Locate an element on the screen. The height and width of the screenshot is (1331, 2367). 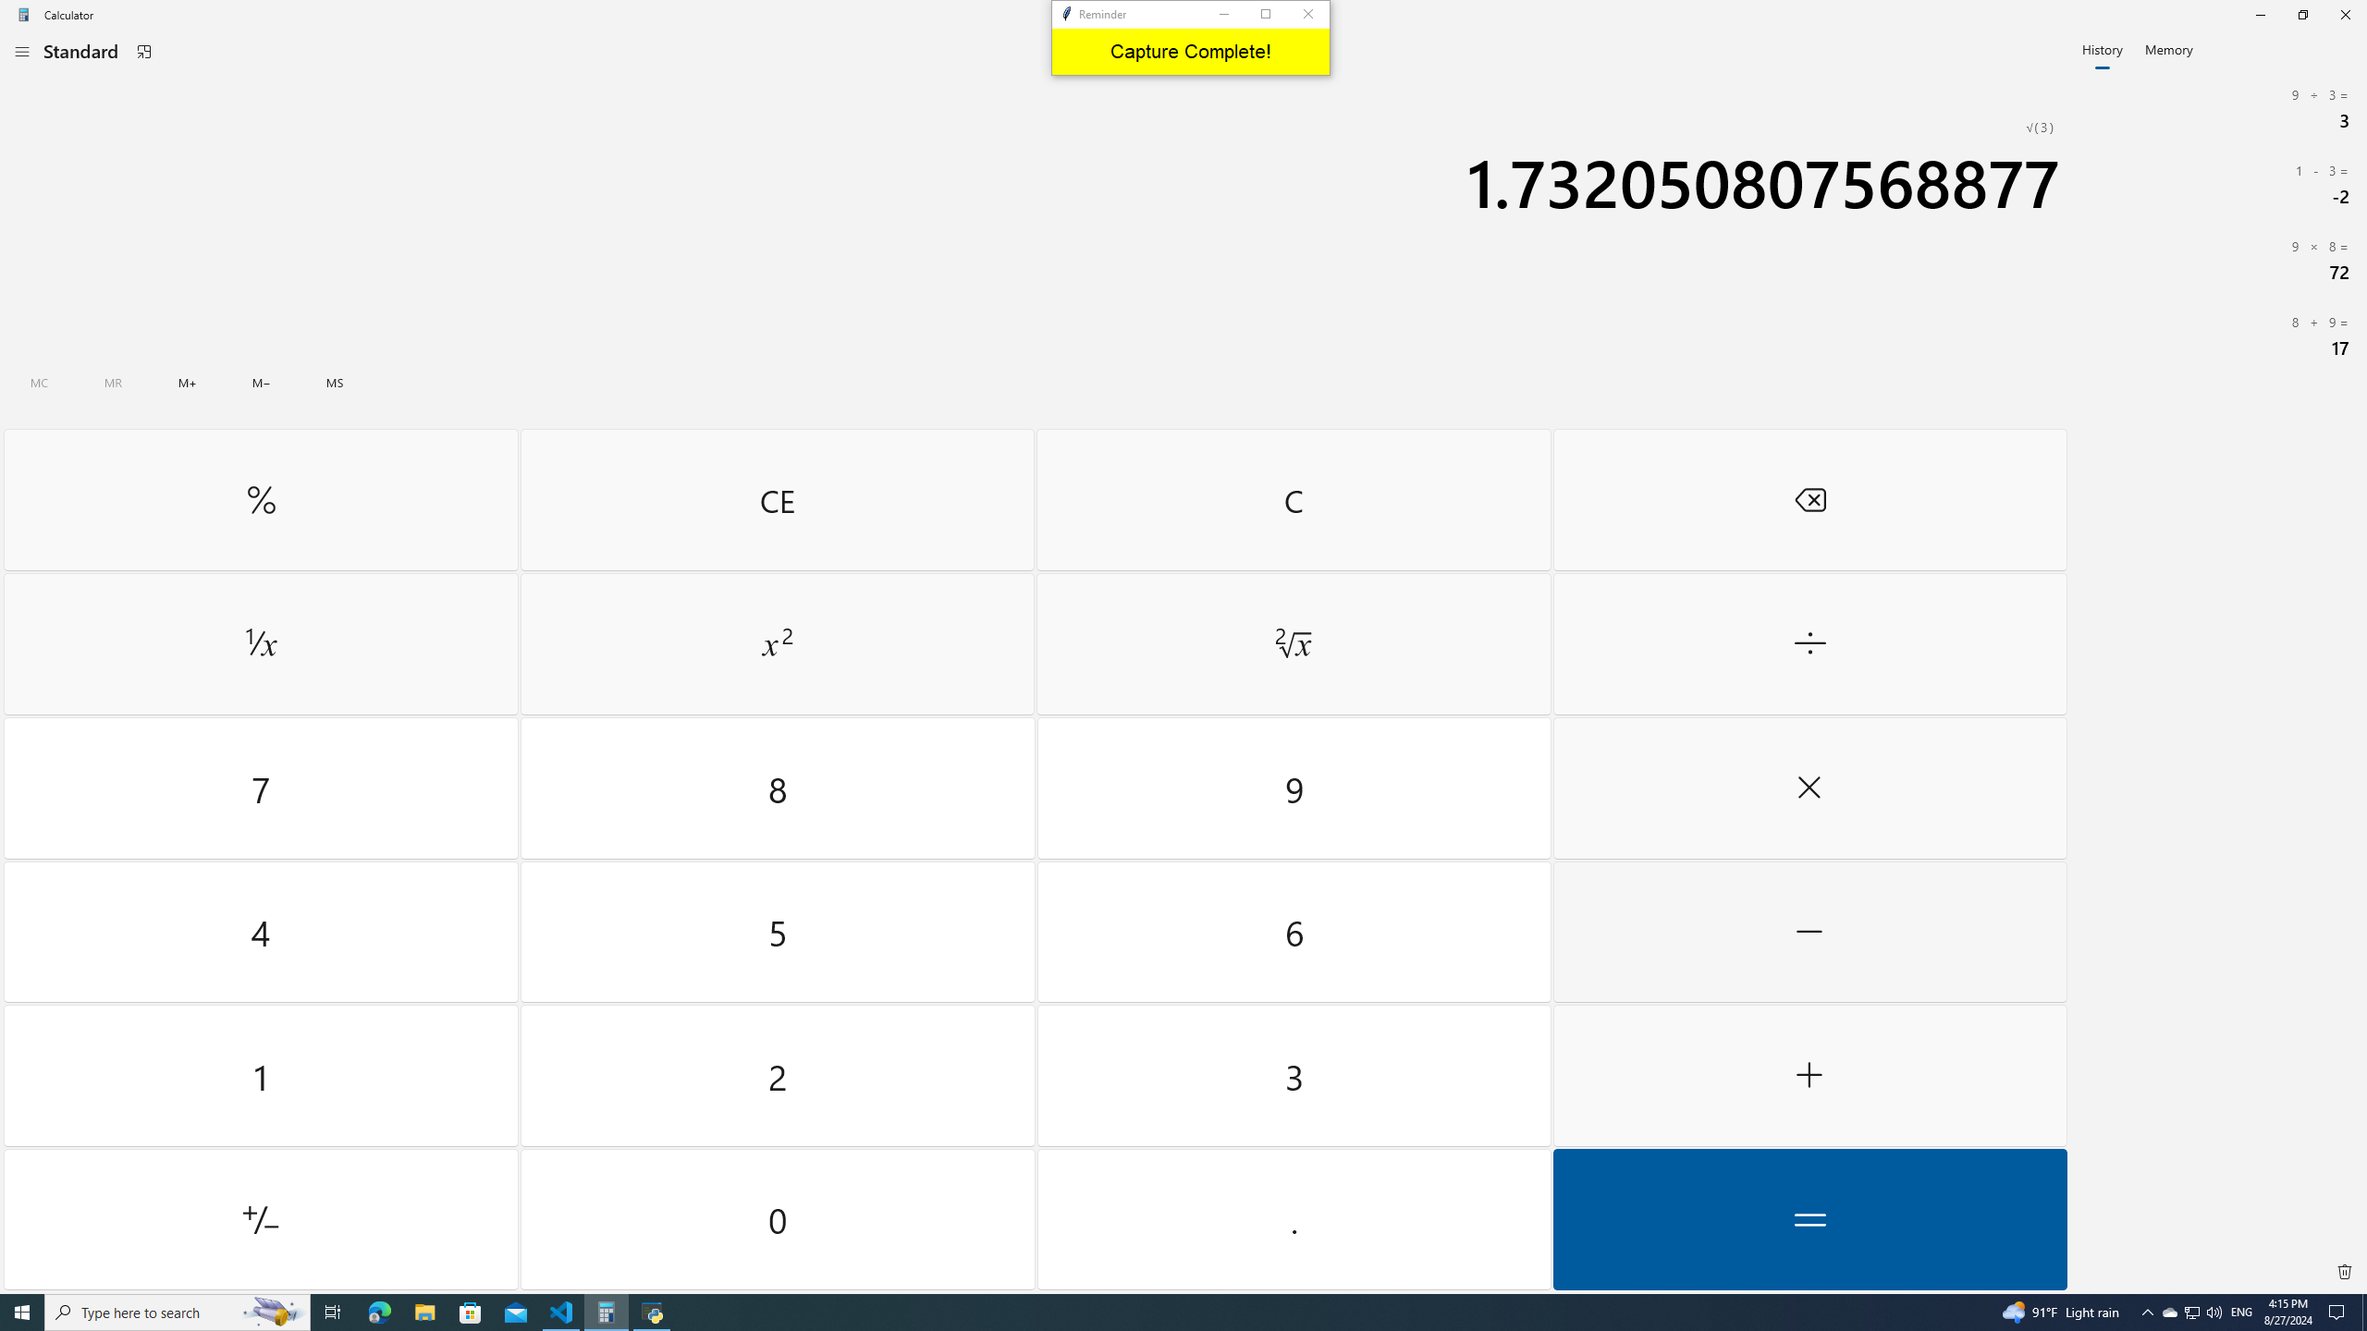
'Two' is located at coordinates (778, 1076).